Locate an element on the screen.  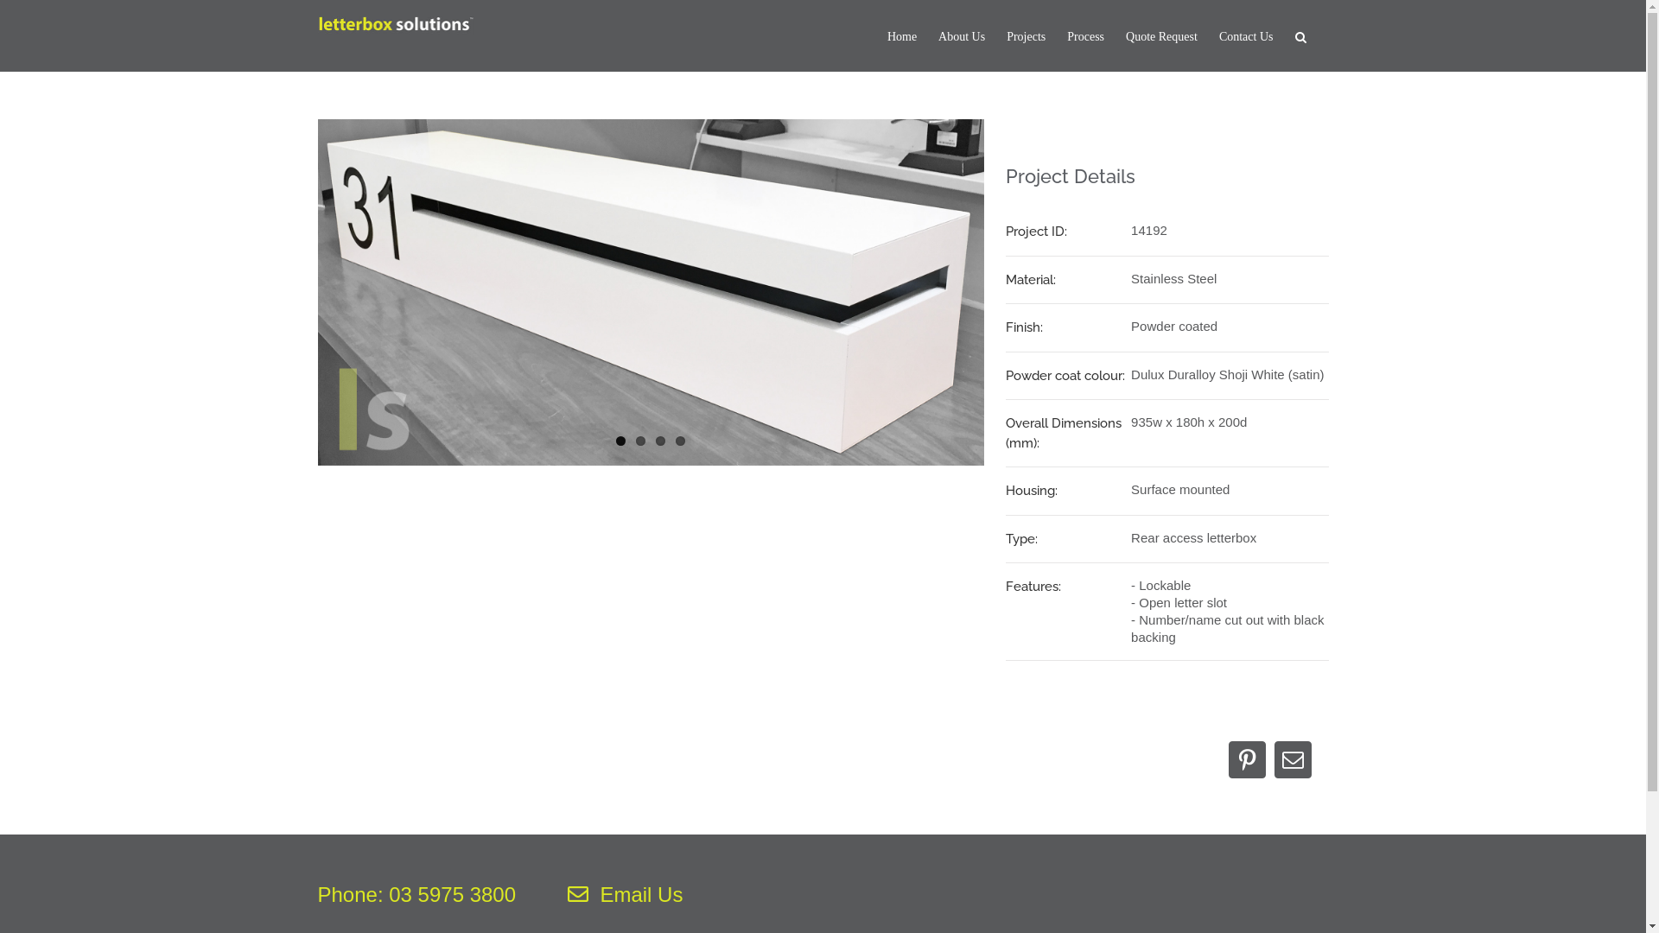
'Projects' is located at coordinates (1007, 35).